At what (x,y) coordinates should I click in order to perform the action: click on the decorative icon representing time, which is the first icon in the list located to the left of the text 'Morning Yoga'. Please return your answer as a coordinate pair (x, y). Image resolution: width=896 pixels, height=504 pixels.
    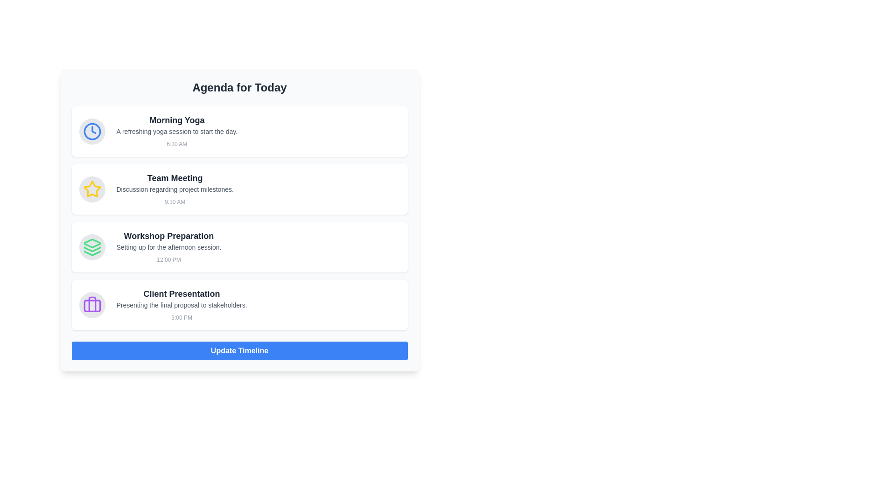
    Looking at the image, I should click on (92, 131).